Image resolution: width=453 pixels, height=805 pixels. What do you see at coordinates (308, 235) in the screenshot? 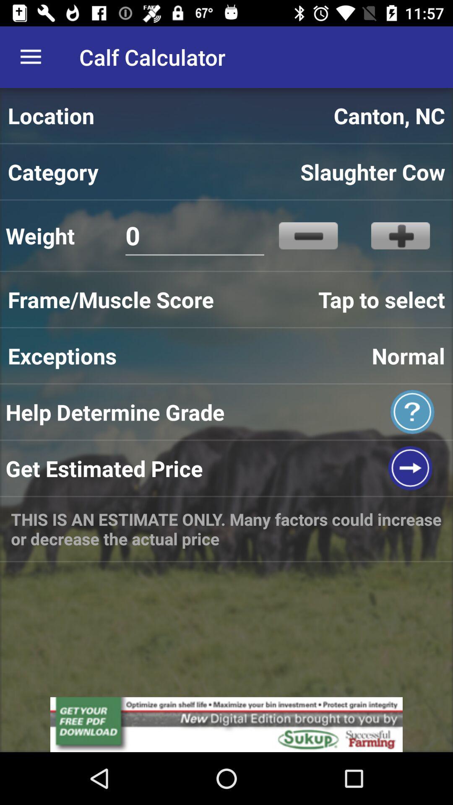
I see `icon` at bounding box center [308, 235].